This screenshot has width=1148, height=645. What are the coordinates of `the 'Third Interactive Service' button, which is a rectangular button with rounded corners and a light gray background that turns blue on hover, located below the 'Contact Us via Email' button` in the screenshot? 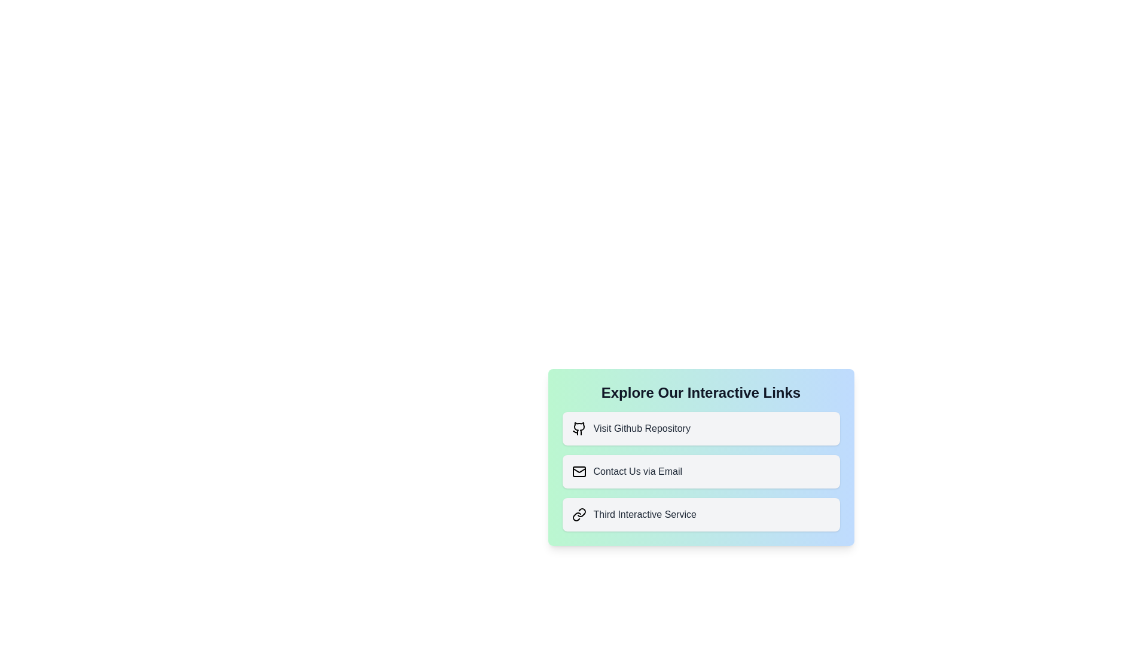 It's located at (701, 514).